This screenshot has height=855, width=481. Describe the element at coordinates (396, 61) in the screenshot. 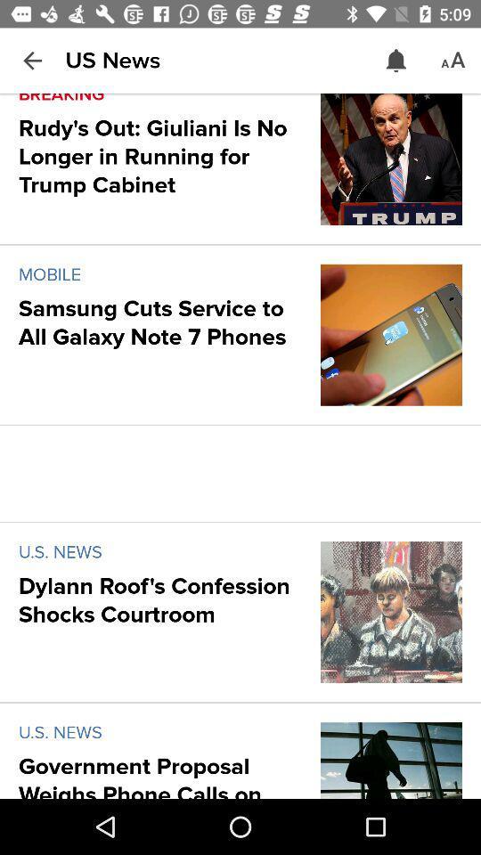

I see `icon next to the us news item` at that location.